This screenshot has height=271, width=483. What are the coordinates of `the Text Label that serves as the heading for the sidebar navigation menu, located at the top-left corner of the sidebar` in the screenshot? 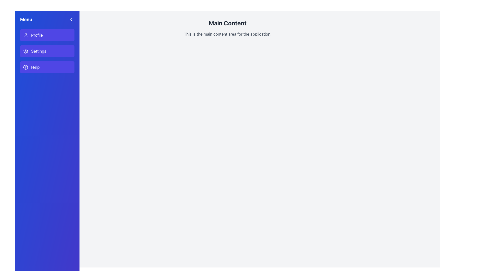 It's located at (26, 19).